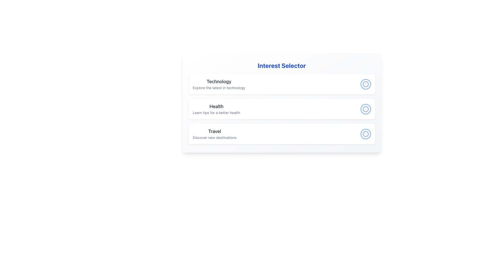 This screenshot has height=280, width=497. What do you see at coordinates (219, 88) in the screenshot?
I see `the descriptive subtitle text 'Explore the latest in technology' which is styled in gray and located below the header 'Technology'` at bounding box center [219, 88].